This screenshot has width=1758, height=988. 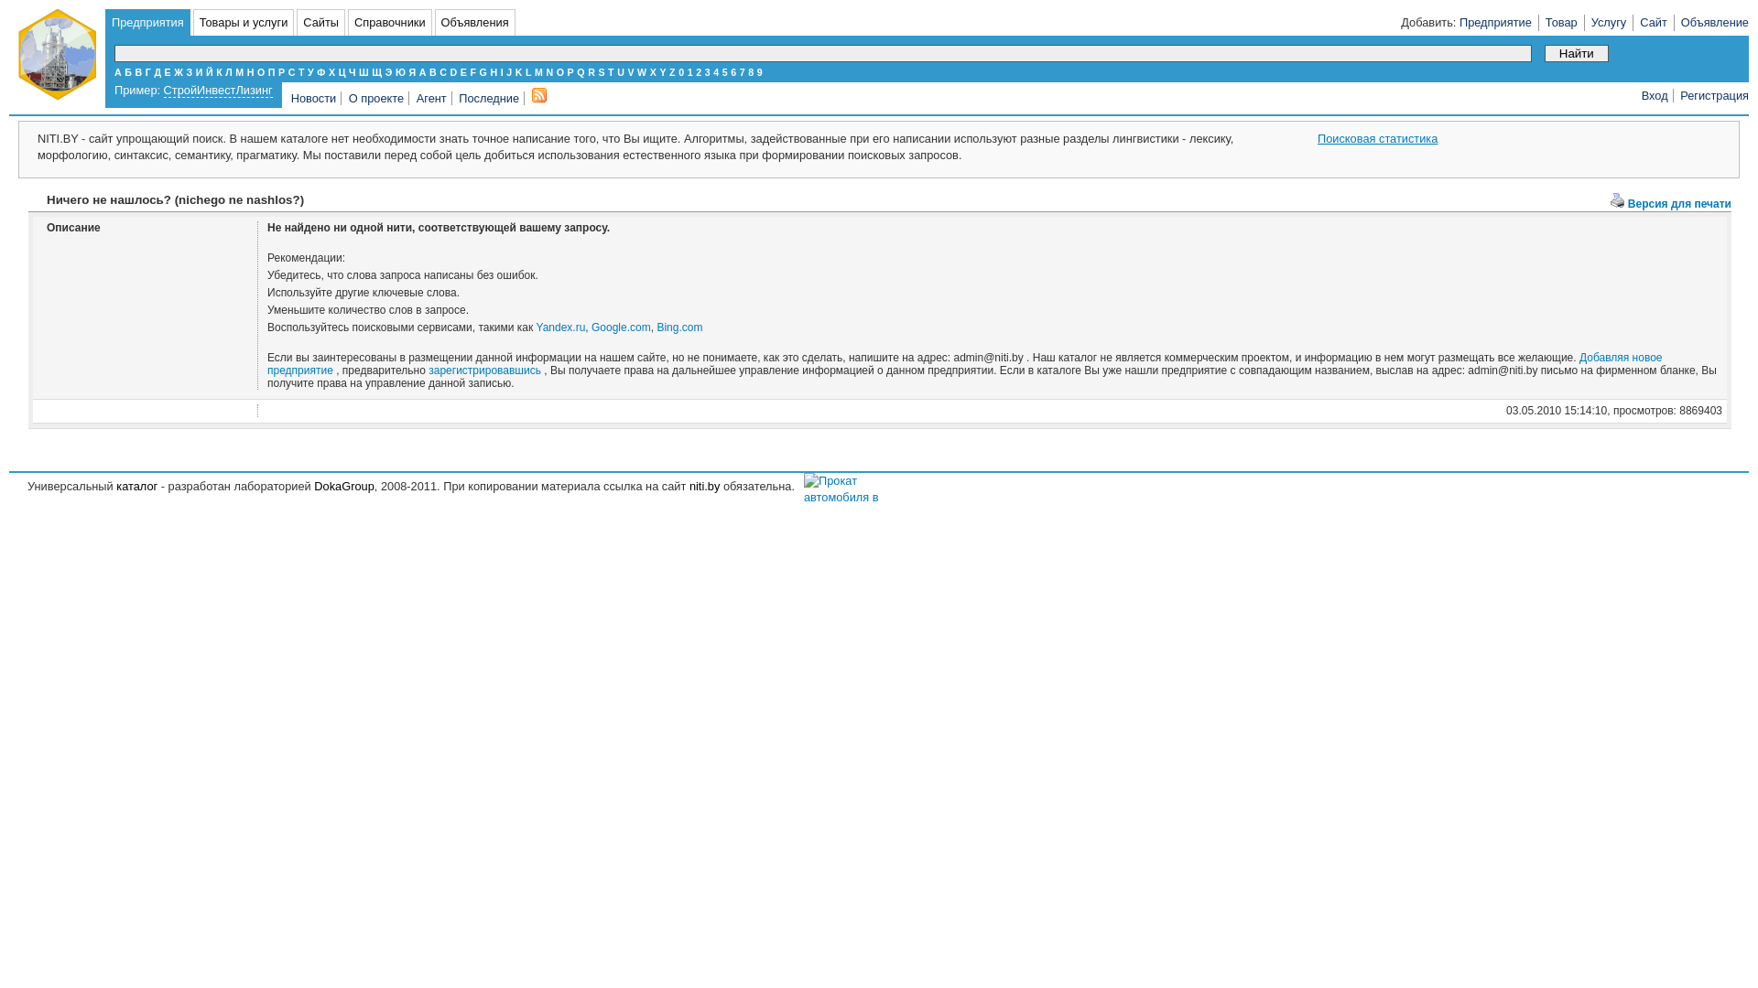 I want to click on '5', so click(x=724, y=70).